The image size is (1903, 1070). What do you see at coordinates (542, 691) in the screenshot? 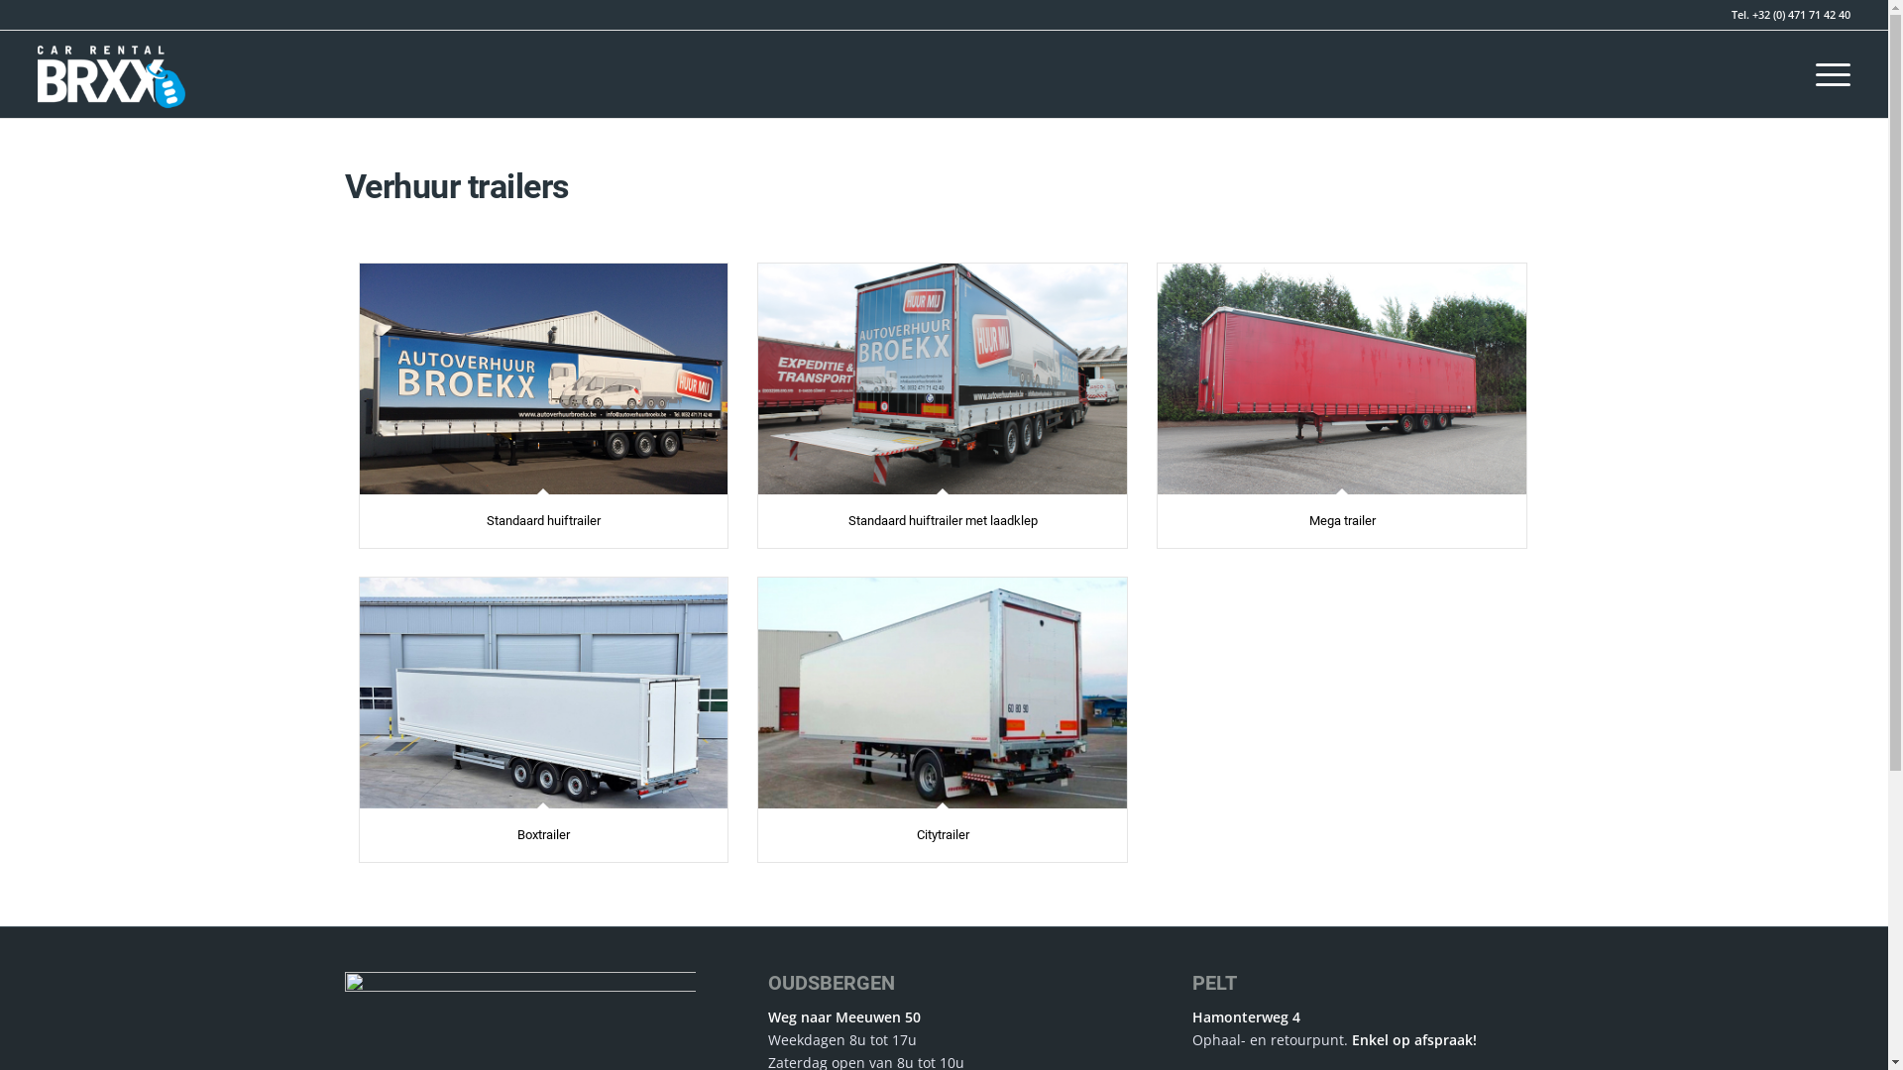
I see `'Boxtrailer'` at bounding box center [542, 691].